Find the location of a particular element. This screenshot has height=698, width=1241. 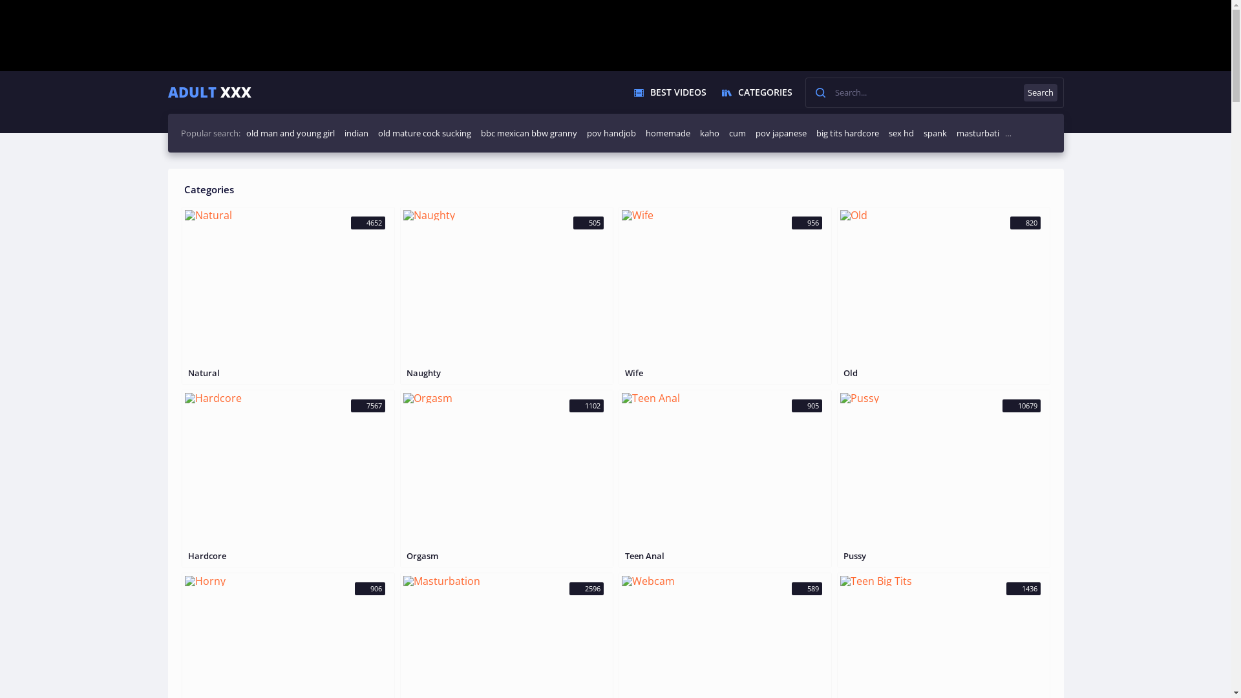

'indian' is located at coordinates (355, 132).